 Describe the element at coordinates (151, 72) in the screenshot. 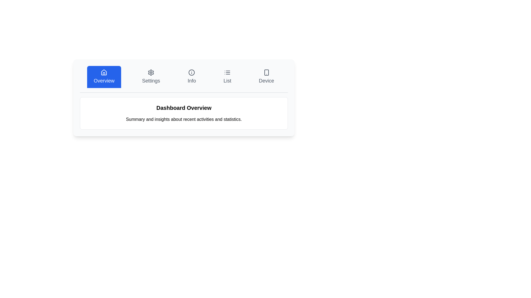

I see `the settings icon located in the navigation bar, which is the second button from the left` at that location.